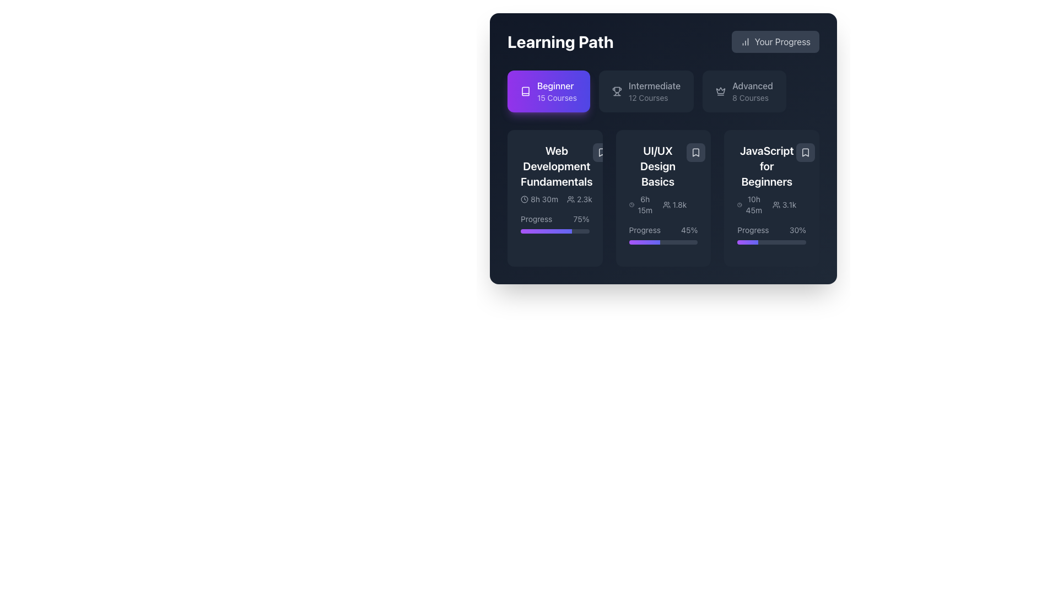 This screenshot has height=595, width=1058. I want to click on the progress icon located in the top-right corner of the interface, adjacent to the 'Your Progress' label, so click(745, 41).